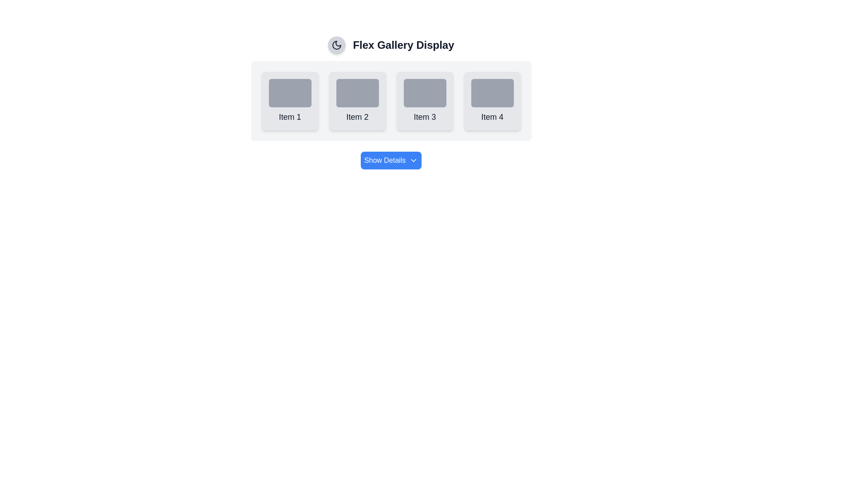 The image size is (852, 479). Describe the element at coordinates (492, 116) in the screenshot. I see `text content of the text label displaying 'Item 4', which is part of the fourth card in a horizontally aligned series of four cards` at that location.